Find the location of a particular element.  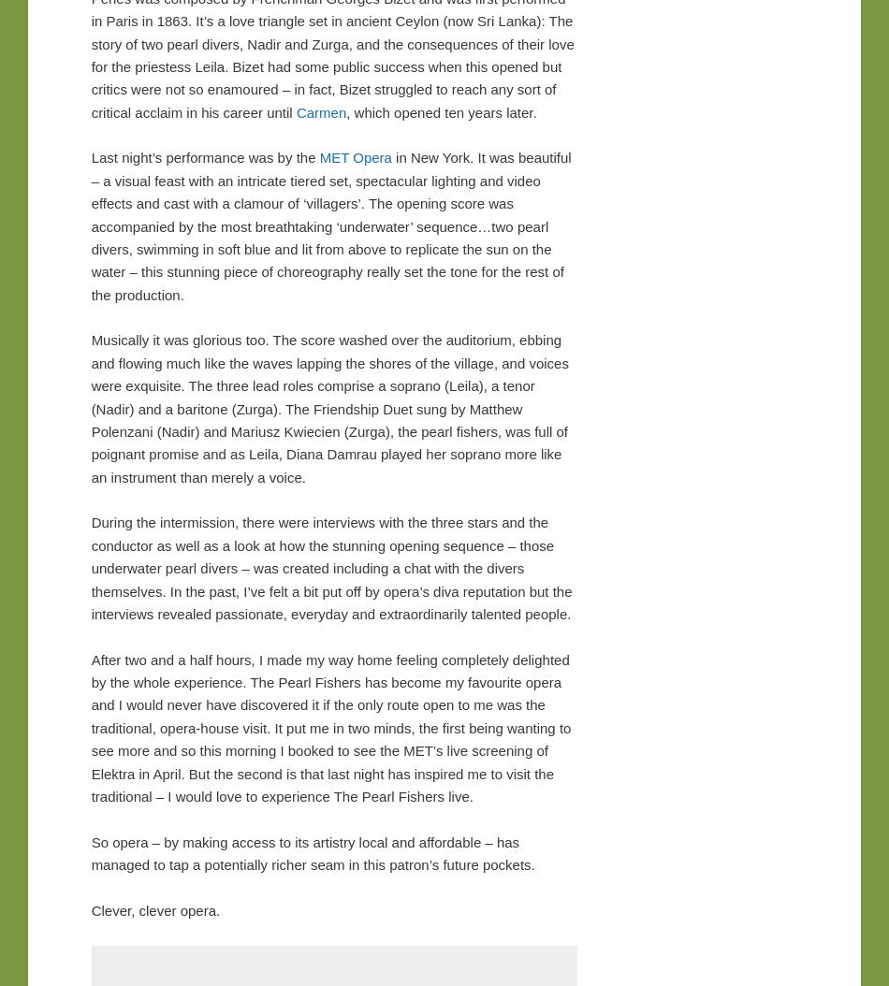

'MET Opera' is located at coordinates (354, 156).